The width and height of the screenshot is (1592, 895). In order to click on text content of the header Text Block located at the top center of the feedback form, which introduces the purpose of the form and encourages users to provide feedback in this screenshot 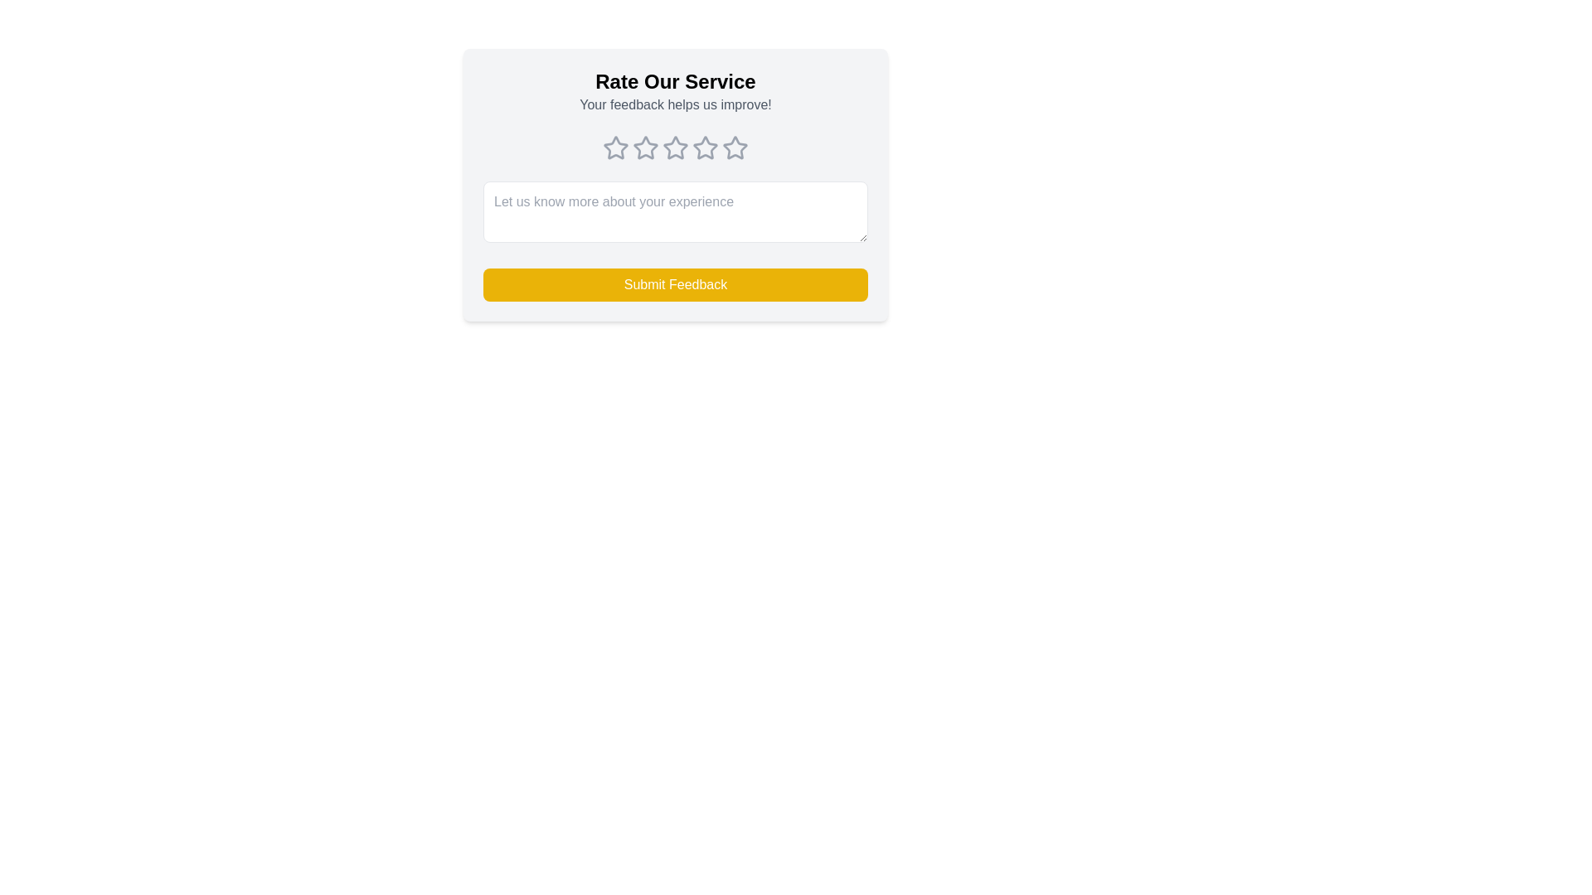, I will do `click(676, 92)`.